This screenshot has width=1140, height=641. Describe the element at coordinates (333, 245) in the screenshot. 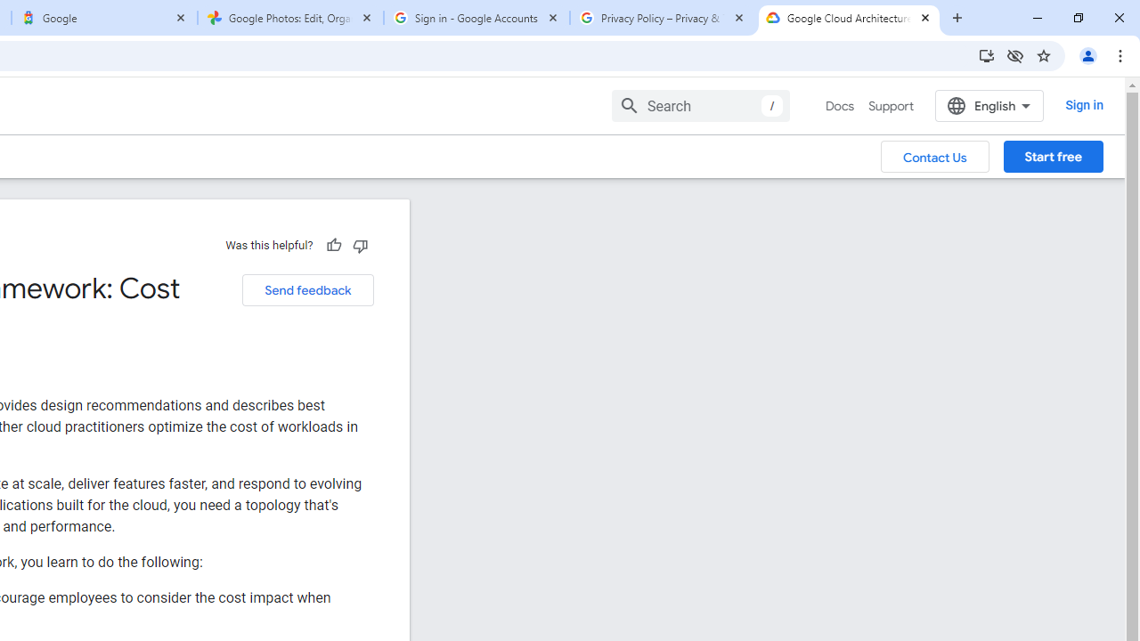

I see `'Helpful'` at that location.